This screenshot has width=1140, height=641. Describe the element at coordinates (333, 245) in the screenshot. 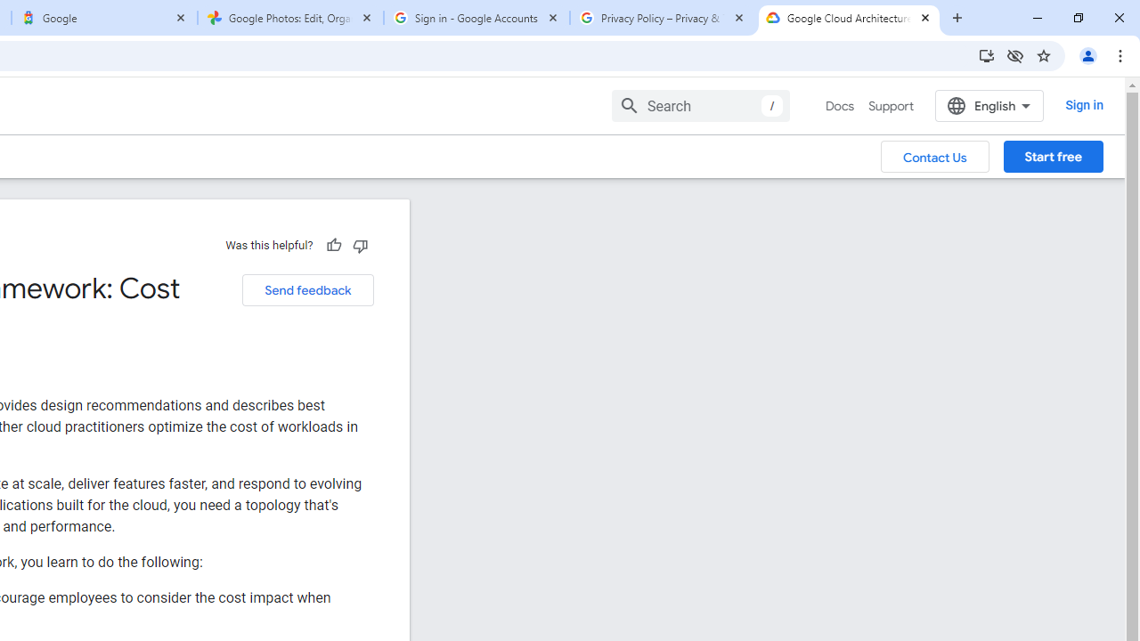

I see `'Helpful'` at that location.